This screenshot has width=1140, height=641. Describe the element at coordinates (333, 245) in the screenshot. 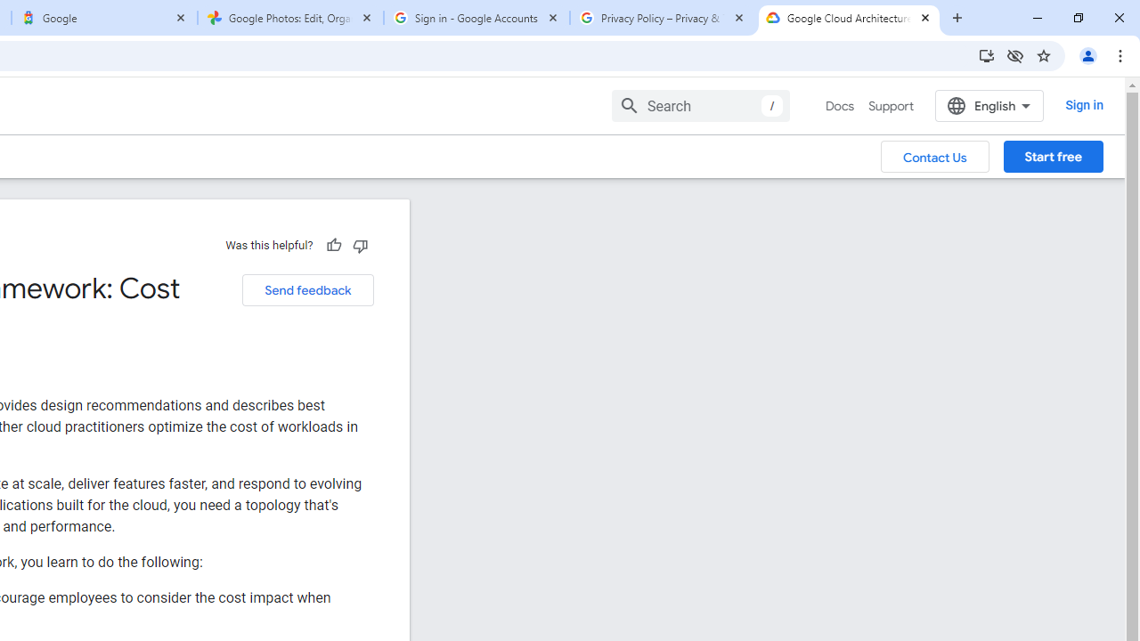

I see `'Helpful'` at that location.